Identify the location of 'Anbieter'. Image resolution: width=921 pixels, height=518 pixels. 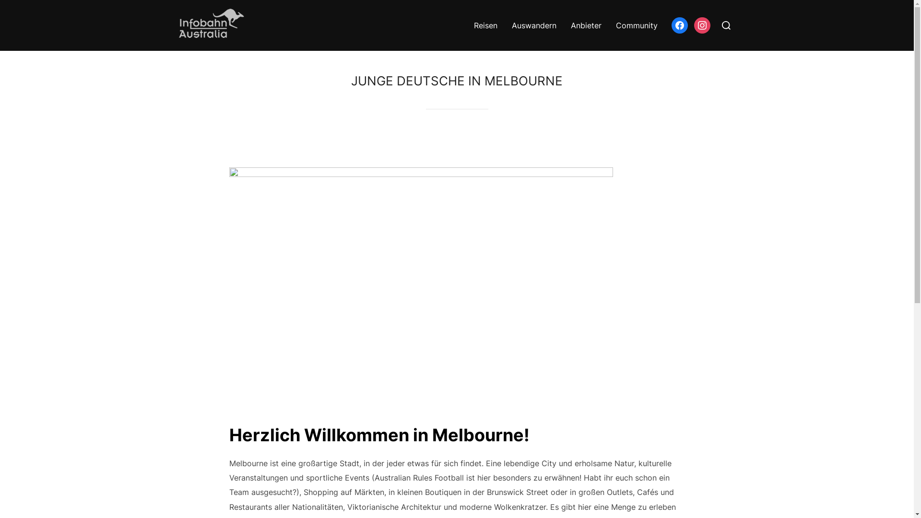
(586, 25).